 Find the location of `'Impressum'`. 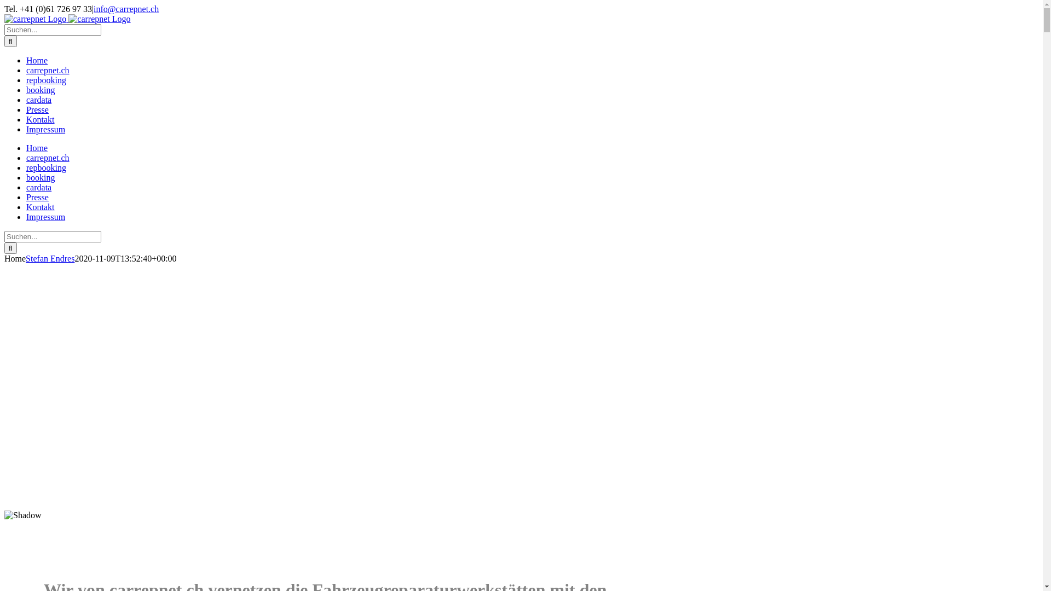

'Impressum' is located at coordinates (26, 217).